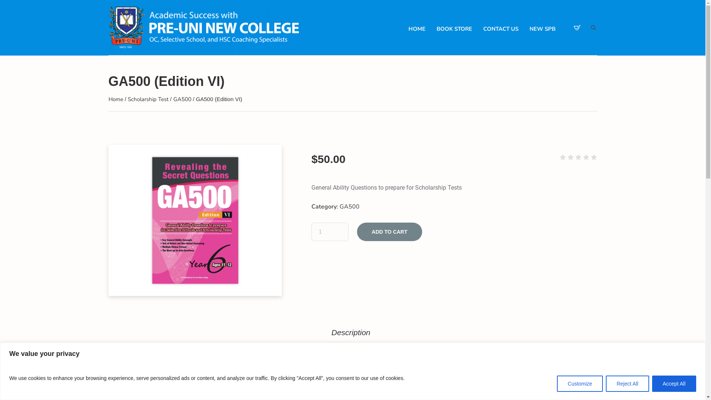 This screenshot has height=400, width=711. I want to click on 'ADD TO CART', so click(389, 231).